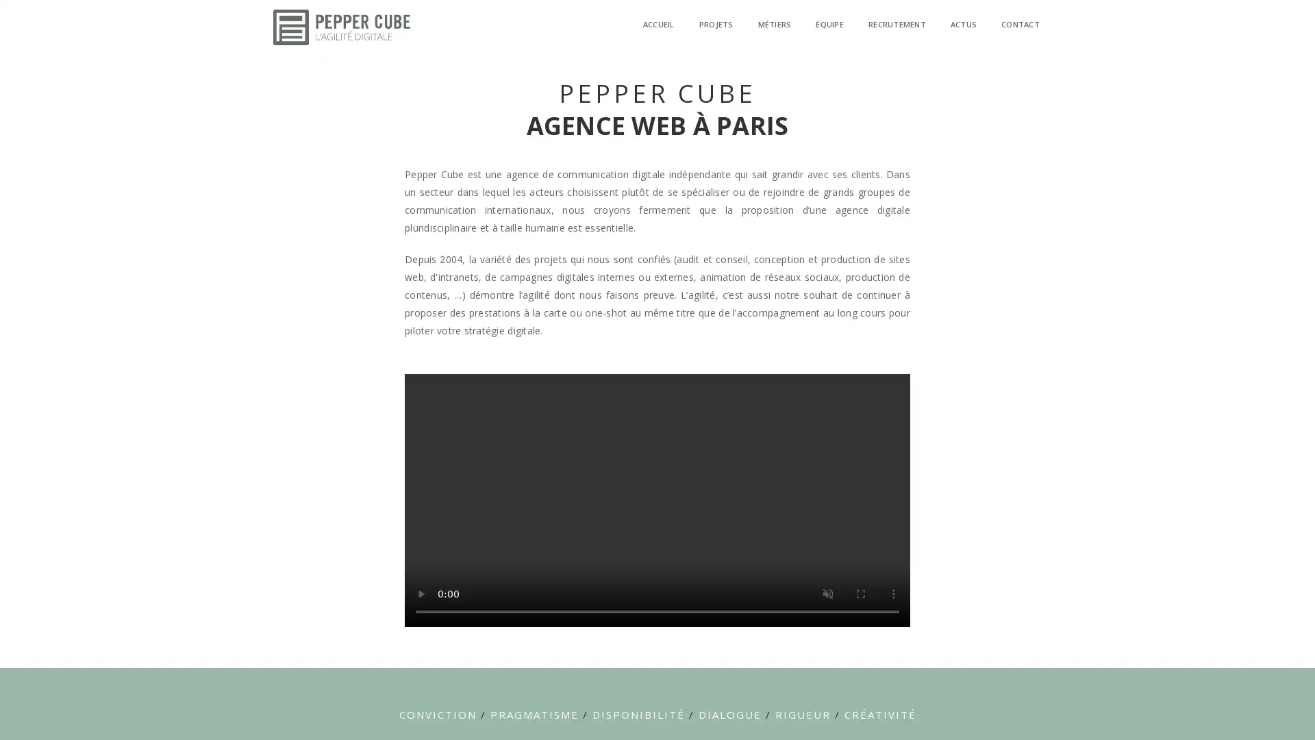 The height and width of the screenshot is (740, 1315). I want to click on show more media controls, so click(894, 593).